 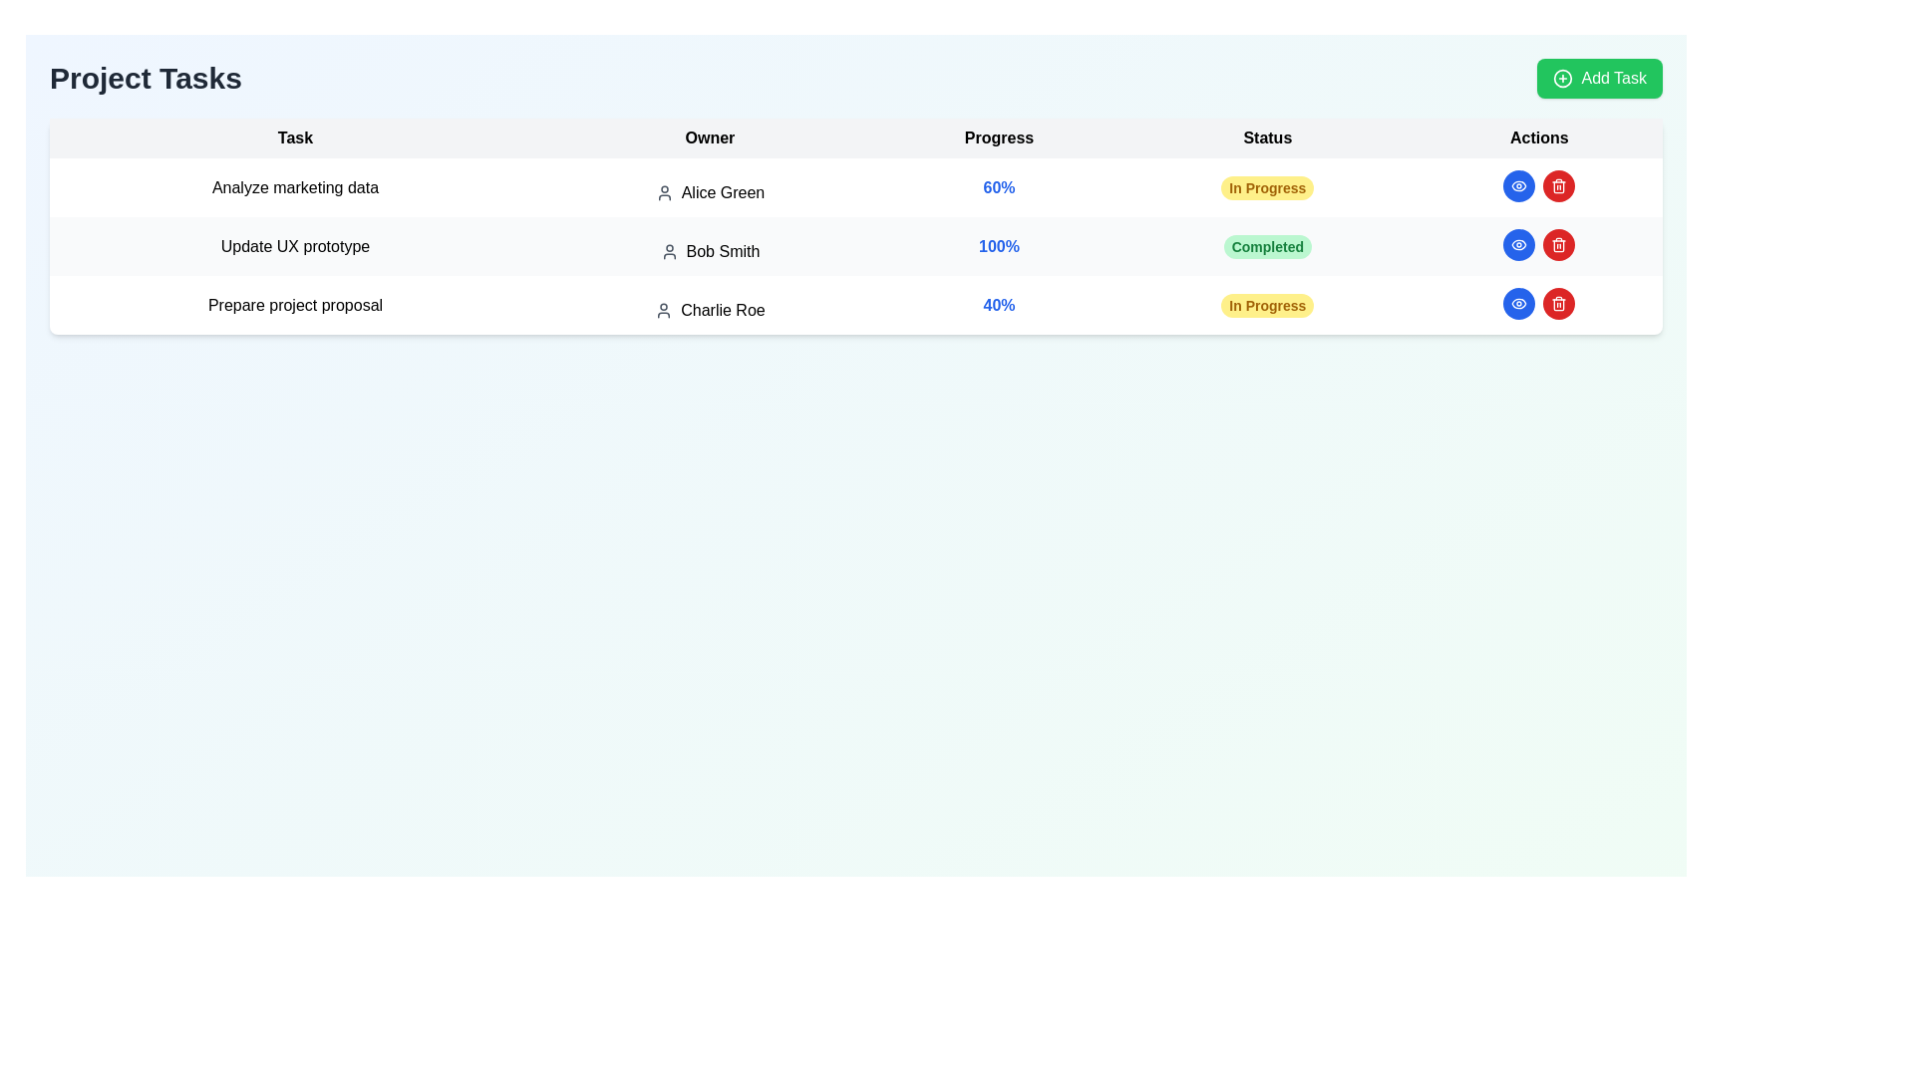 What do you see at coordinates (1518, 185) in the screenshot?
I see `the eye-shaped icon within the blue circular button located in the bottom-right corner of the table in the 'Actions' column of the last row` at bounding box center [1518, 185].